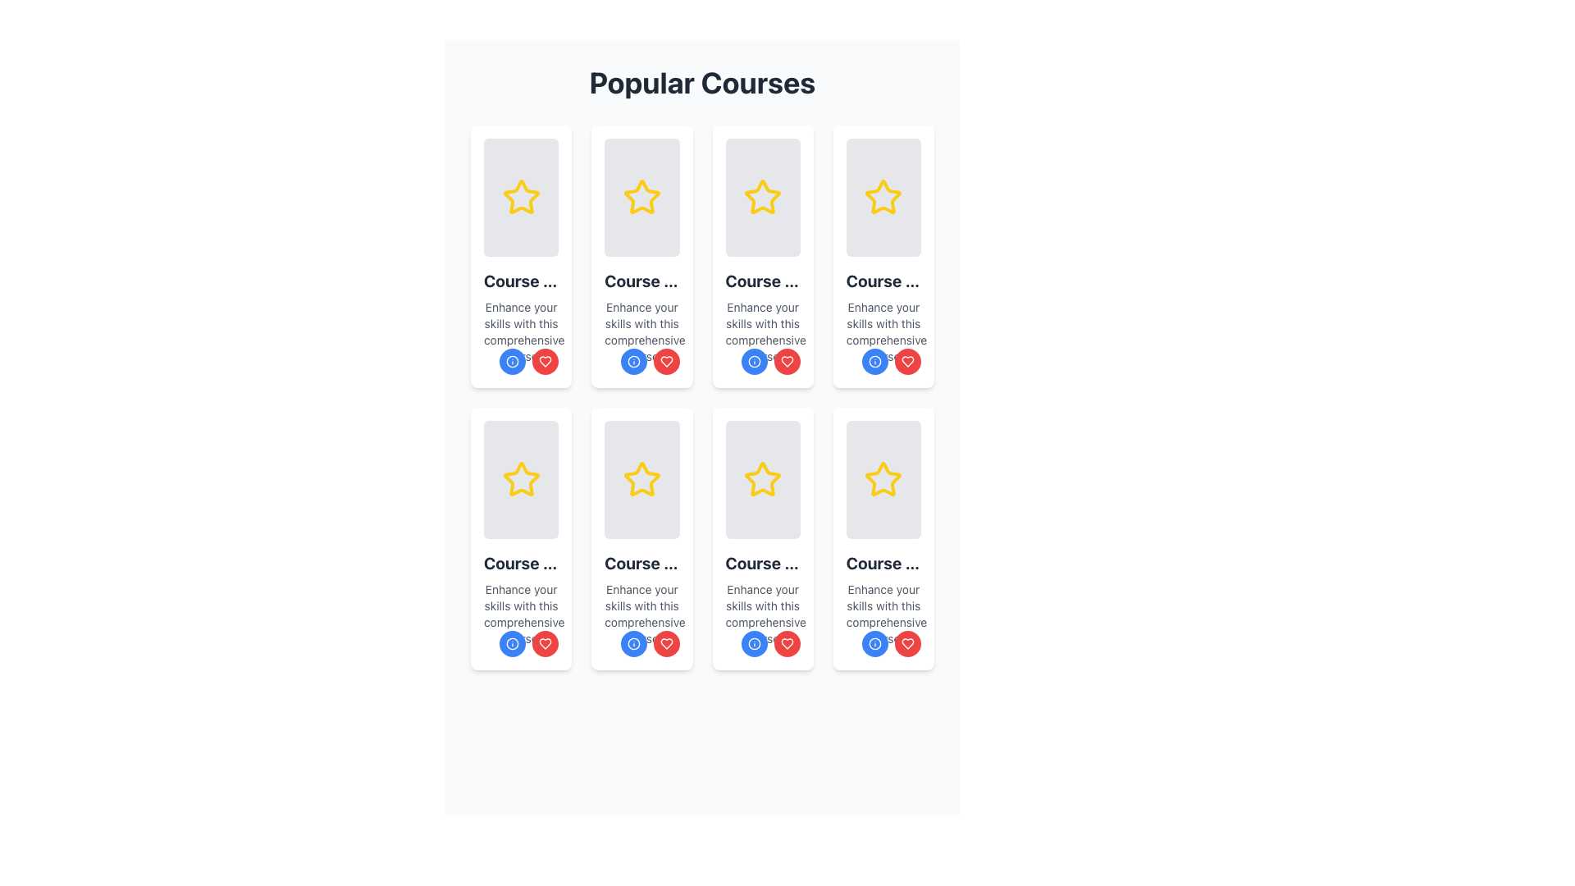  I want to click on the title text label in the fourth card of the top row, which serves as the heading for the course description, so click(883, 281).